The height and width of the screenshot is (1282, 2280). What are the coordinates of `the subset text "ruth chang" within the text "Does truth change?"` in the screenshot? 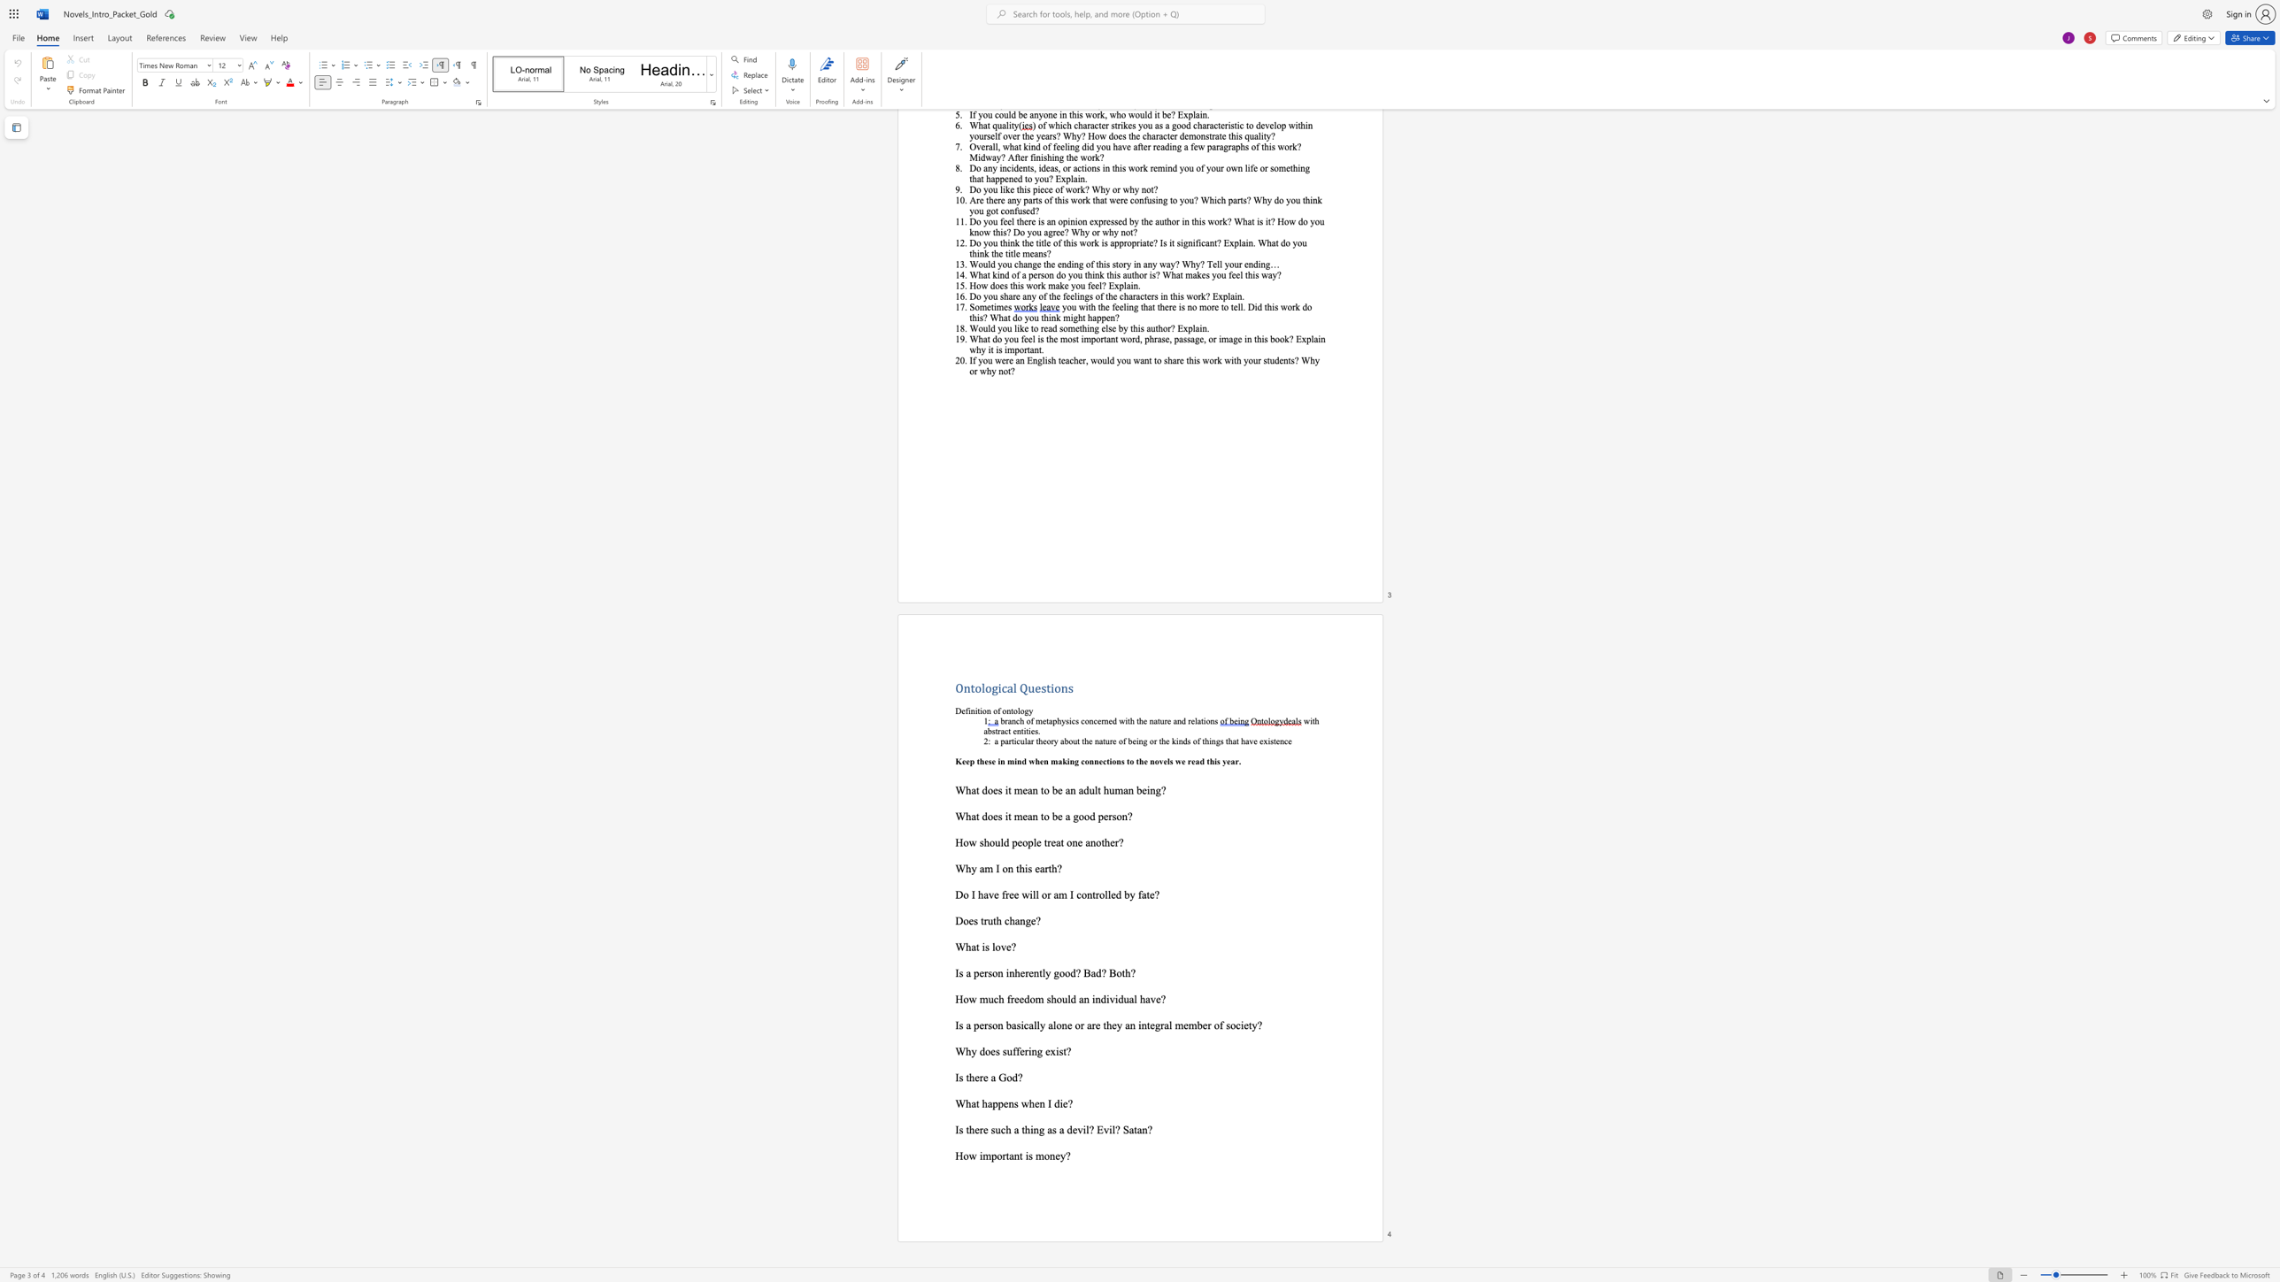 It's located at (983, 920).